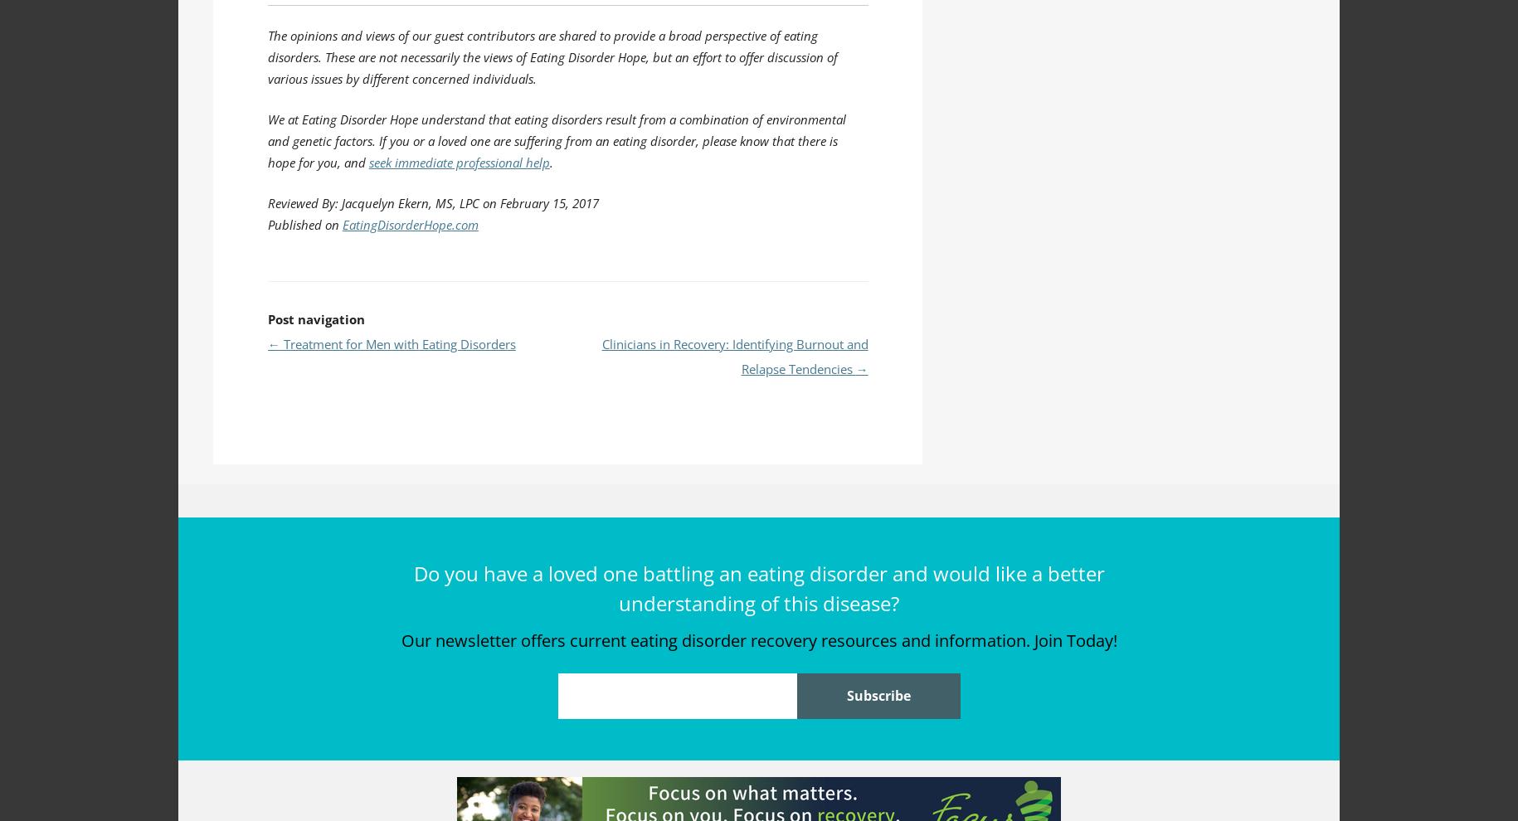 Image resolution: width=1518 pixels, height=821 pixels. What do you see at coordinates (314, 318) in the screenshot?
I see `'Post navigation'` at bounding box center [314, 318].